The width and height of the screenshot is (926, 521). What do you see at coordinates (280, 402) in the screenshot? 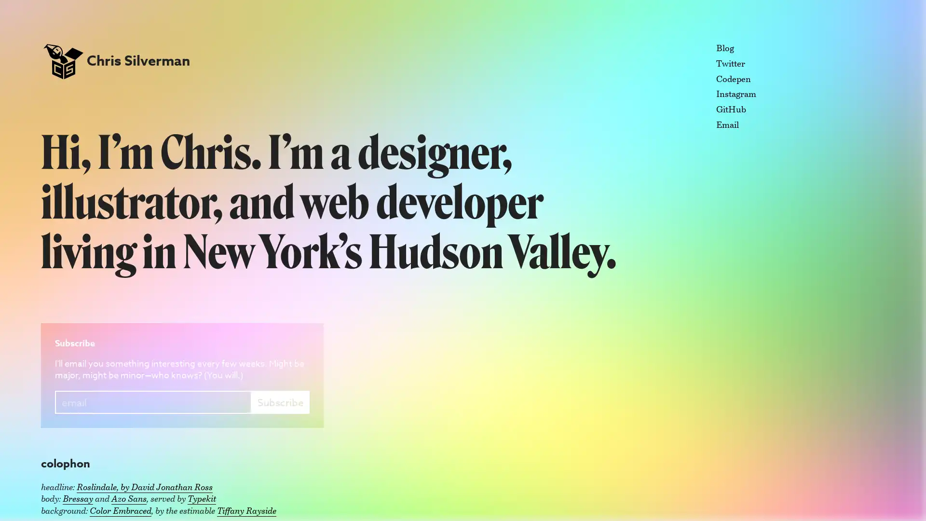
I see `Subscribe` at bounding box center [280, 402].